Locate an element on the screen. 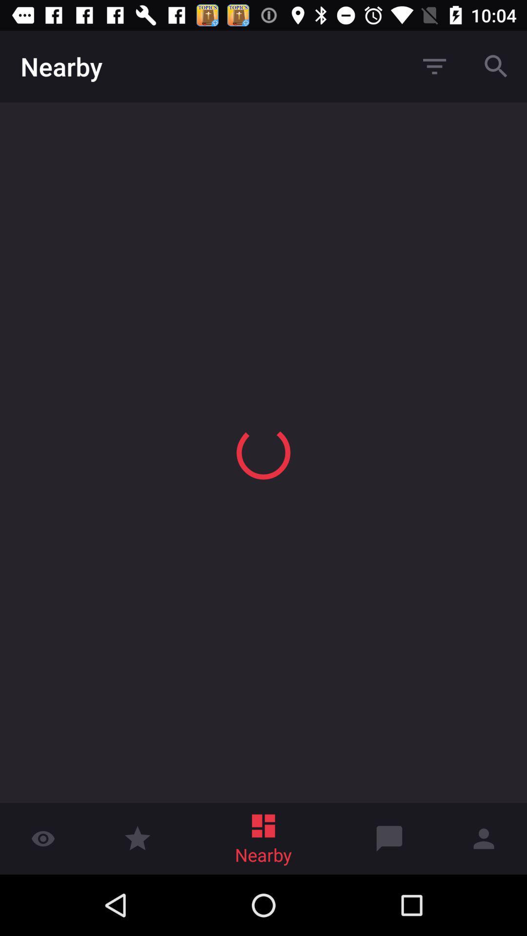 This screenshot has height=936, width=527. icon beside nearby at the bottom of the page is located at coordinates (389, 838).